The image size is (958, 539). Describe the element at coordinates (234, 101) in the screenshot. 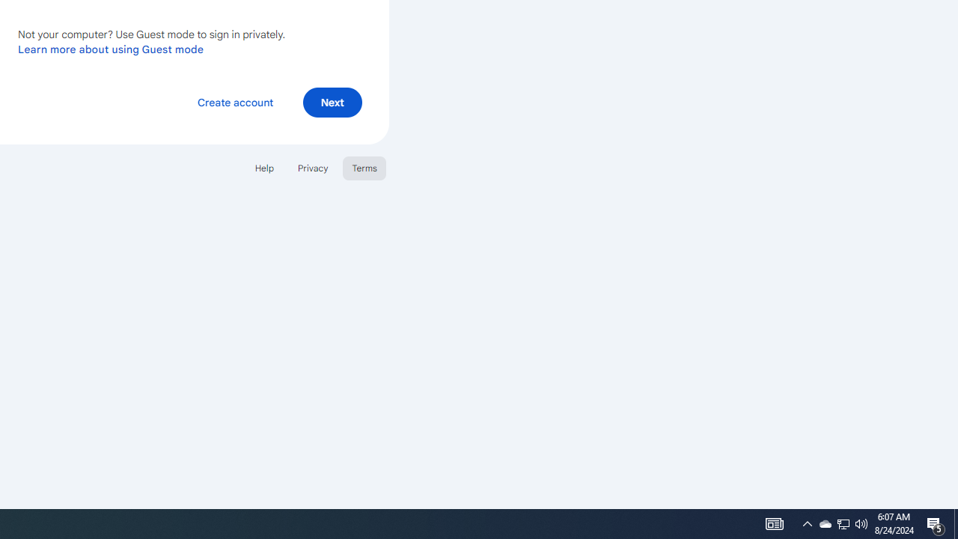

I see `'Create account'` at that location.